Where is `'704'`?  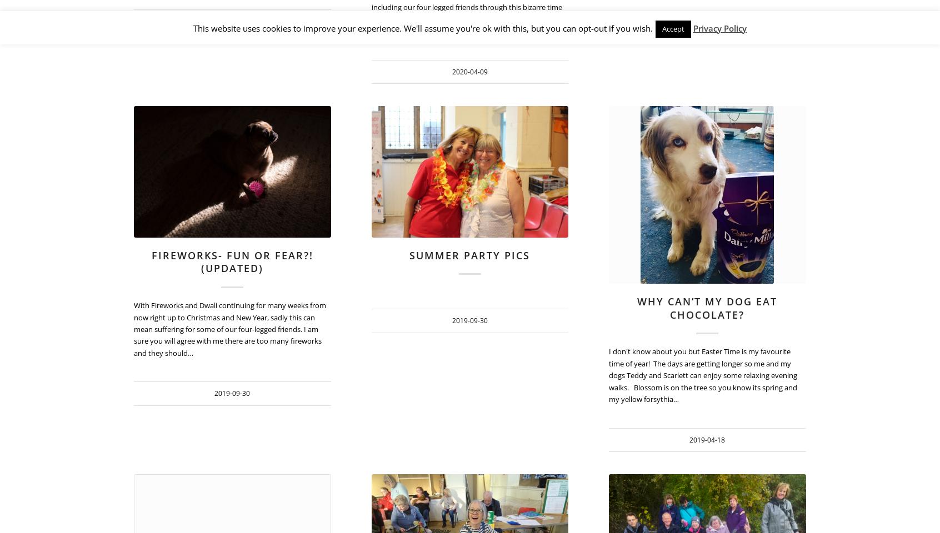 '704' is located at coordinates (850, 502).